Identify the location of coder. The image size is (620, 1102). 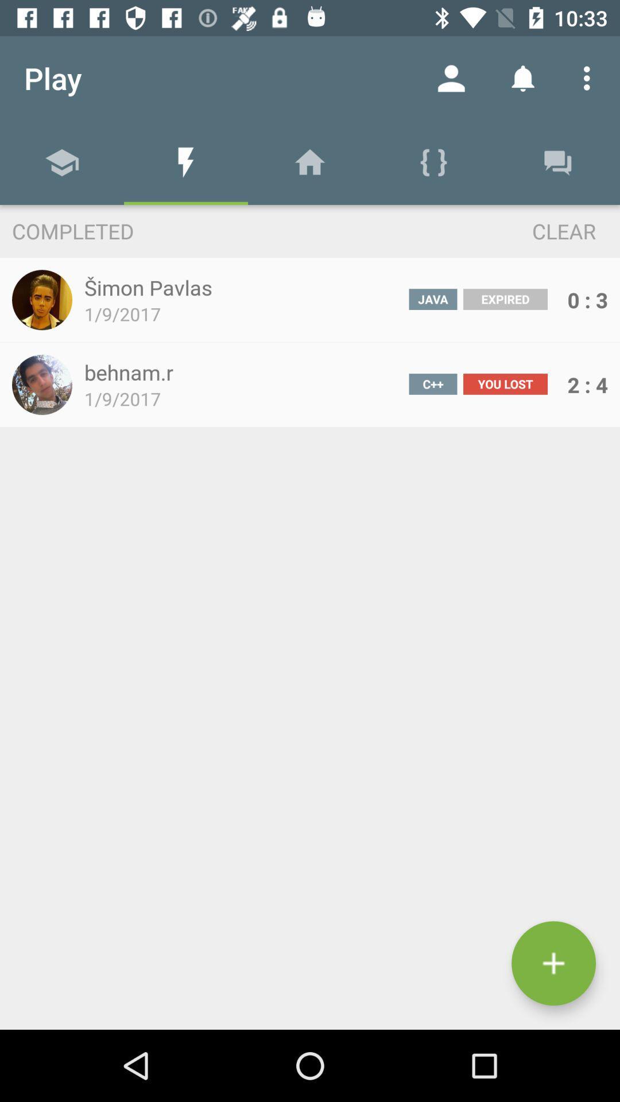
(553, 963).